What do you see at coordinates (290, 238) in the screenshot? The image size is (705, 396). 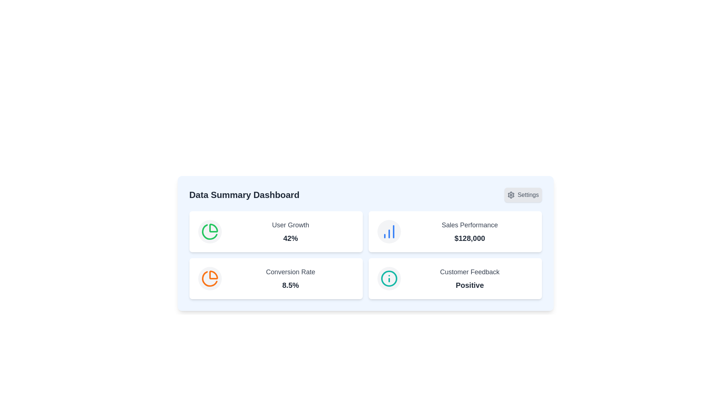 I see `static textual display showing '42%' which is prominently positioned below the label 'User Growth' in the upper-left quadrant of the dashboard` at bounding box center [290, 238].